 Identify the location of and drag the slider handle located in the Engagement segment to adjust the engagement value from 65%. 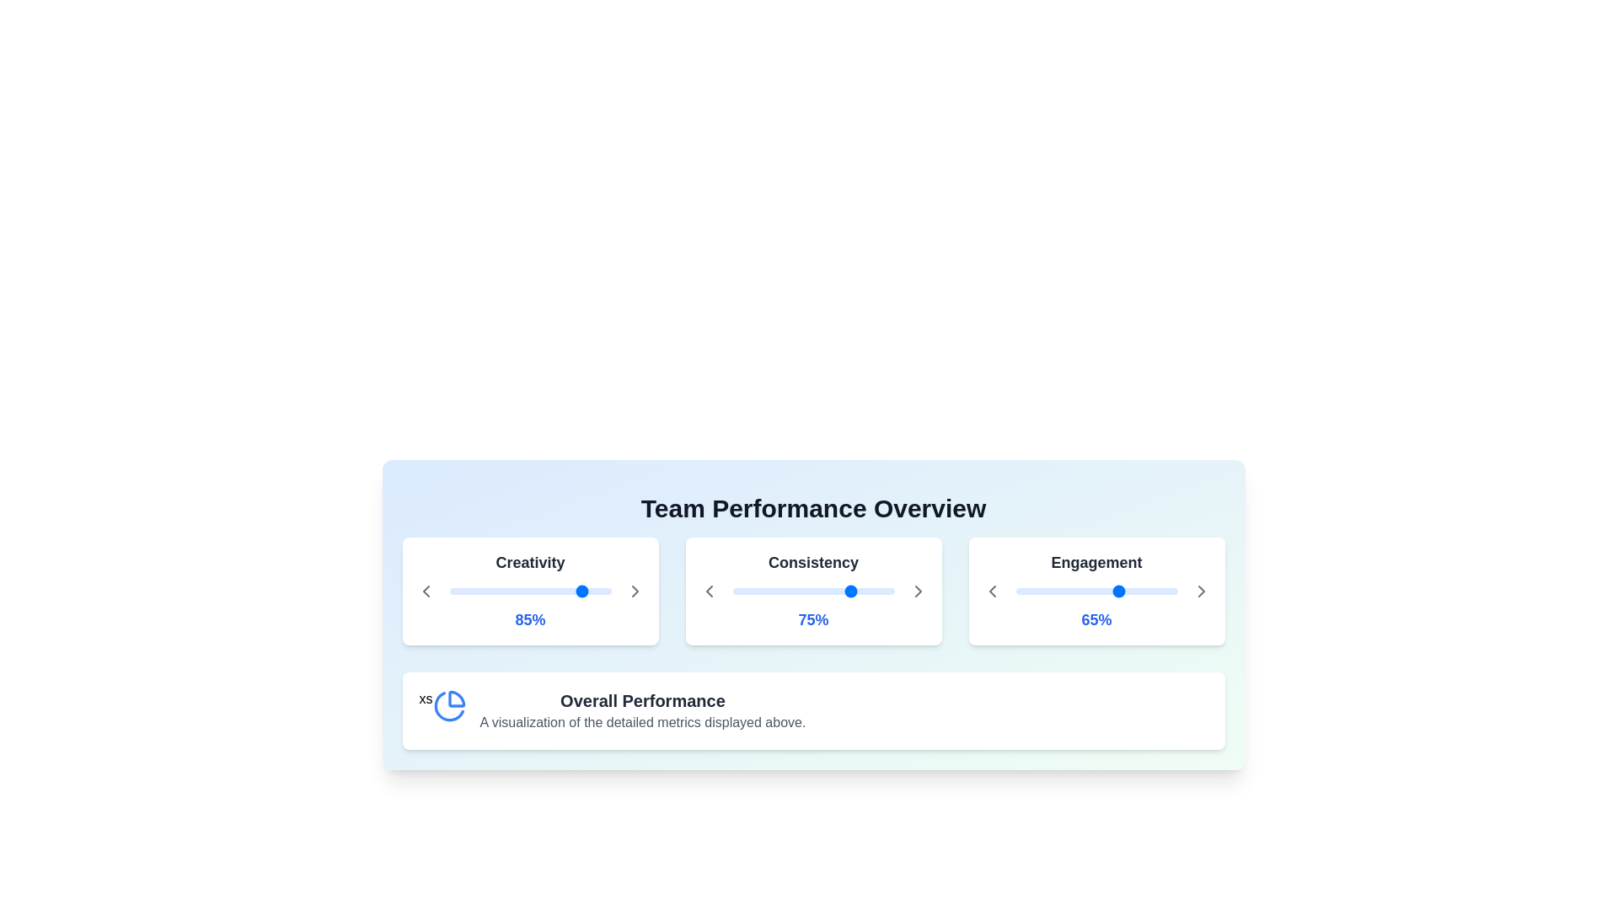
(1096, 591).